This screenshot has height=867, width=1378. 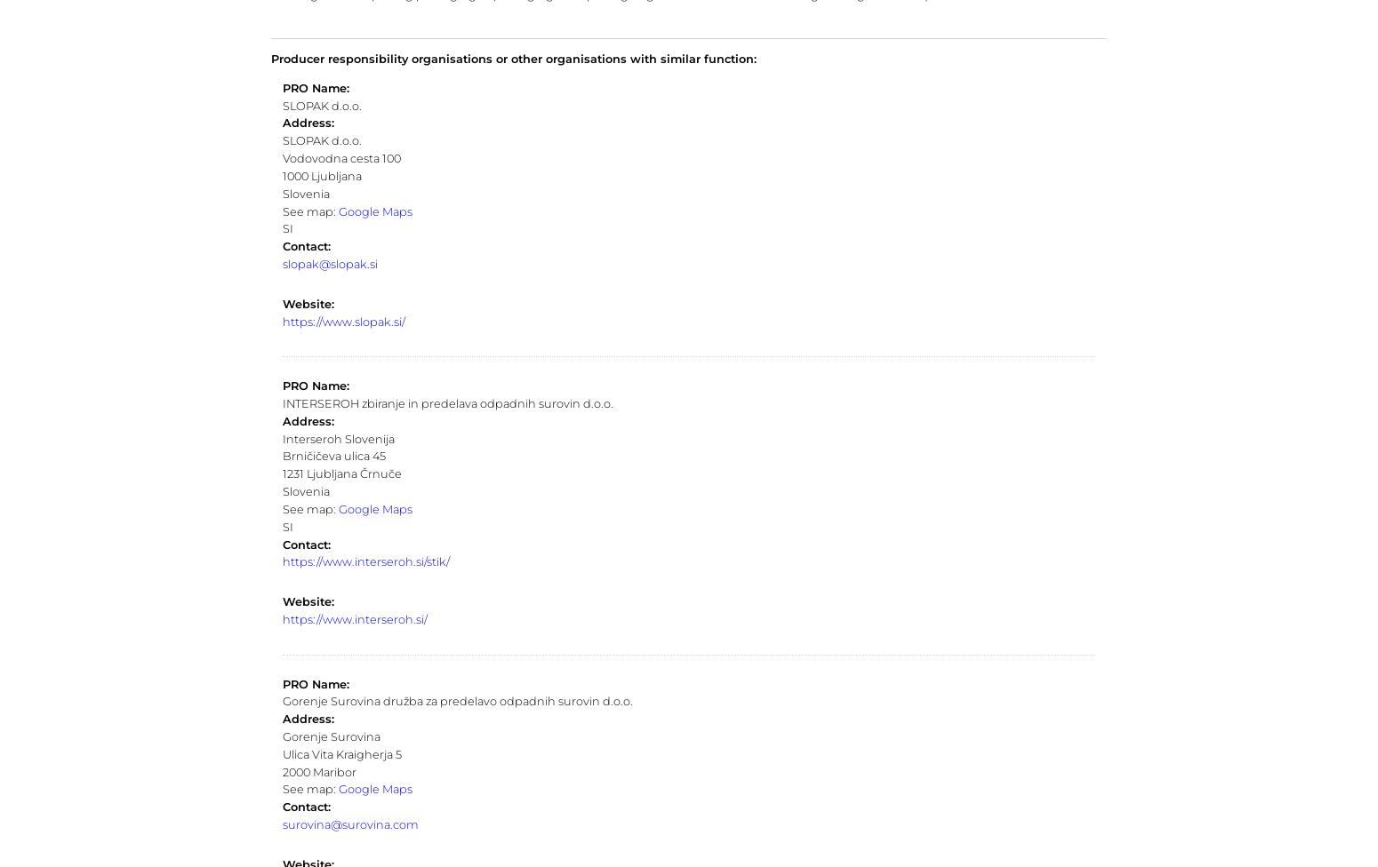 What do you see at coordinates (445, 402) in the screenshot?
I see `'INTERSEROH zbiranje in predelava odpadnih surovin d.o.o.'` at bounding box center [445, 402].